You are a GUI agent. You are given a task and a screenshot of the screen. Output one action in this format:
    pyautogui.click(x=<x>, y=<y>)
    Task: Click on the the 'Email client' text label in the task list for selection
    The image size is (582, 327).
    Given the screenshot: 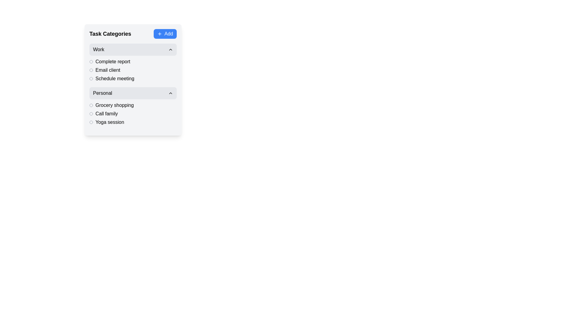 What is the action you would take?
    pyautogui.click(x=108, y=70)
    